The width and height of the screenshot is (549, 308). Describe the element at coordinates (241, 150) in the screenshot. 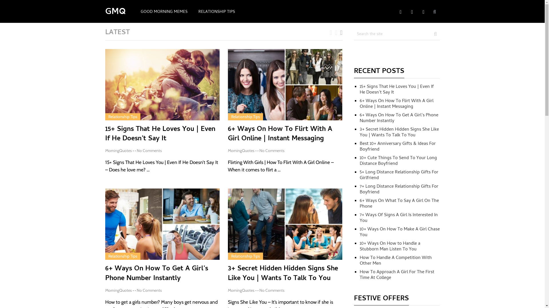

I see `'MorningQuotes'` at that location.